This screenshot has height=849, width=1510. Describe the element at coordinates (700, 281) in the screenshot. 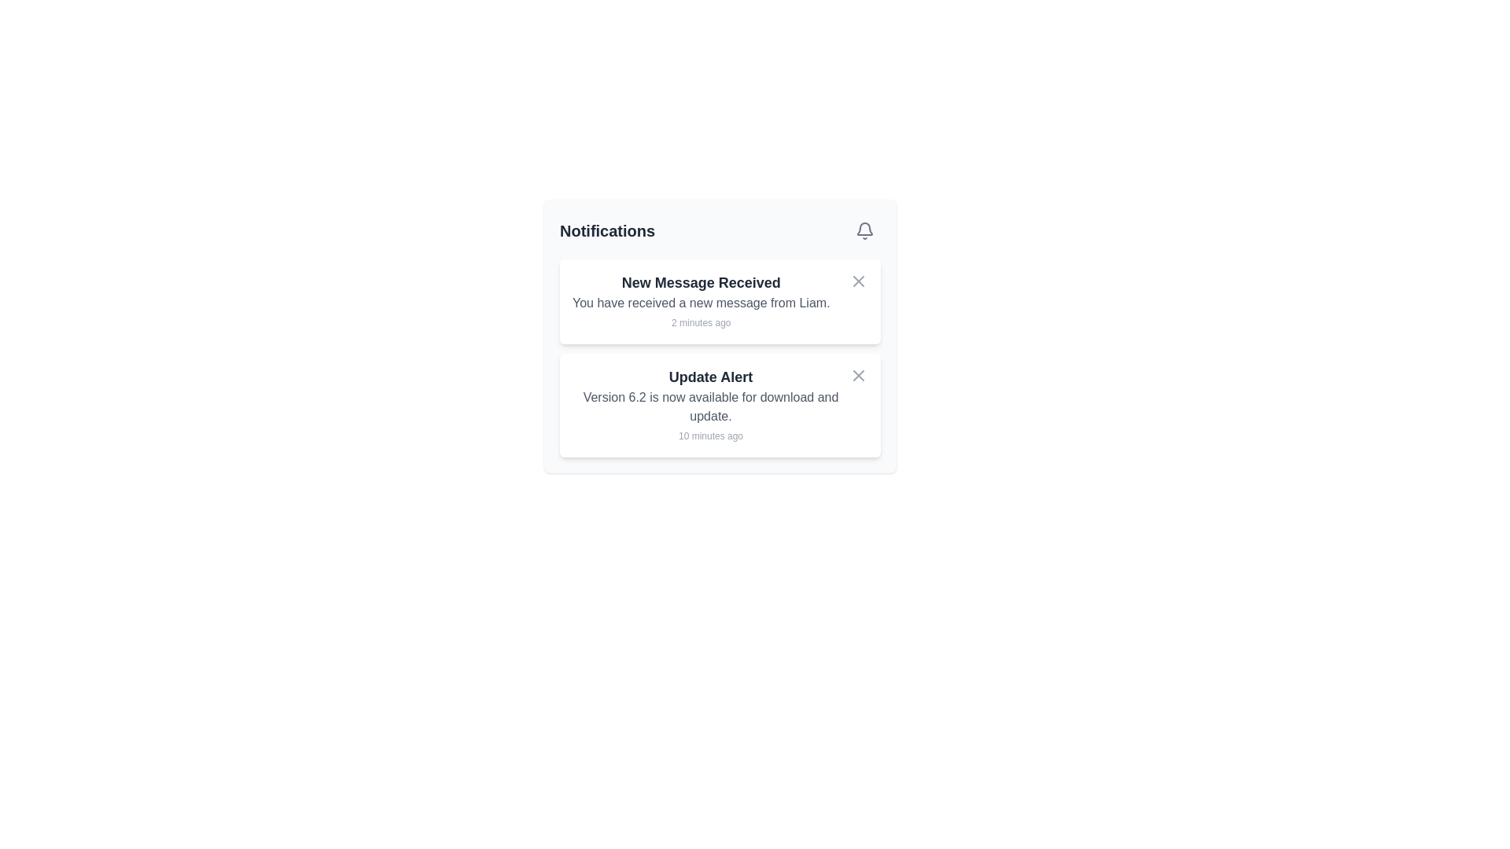

I see `text from the bold and large text label that reads 'New Message Received', which is located at the top of the notification card within the notifications list` at that location.